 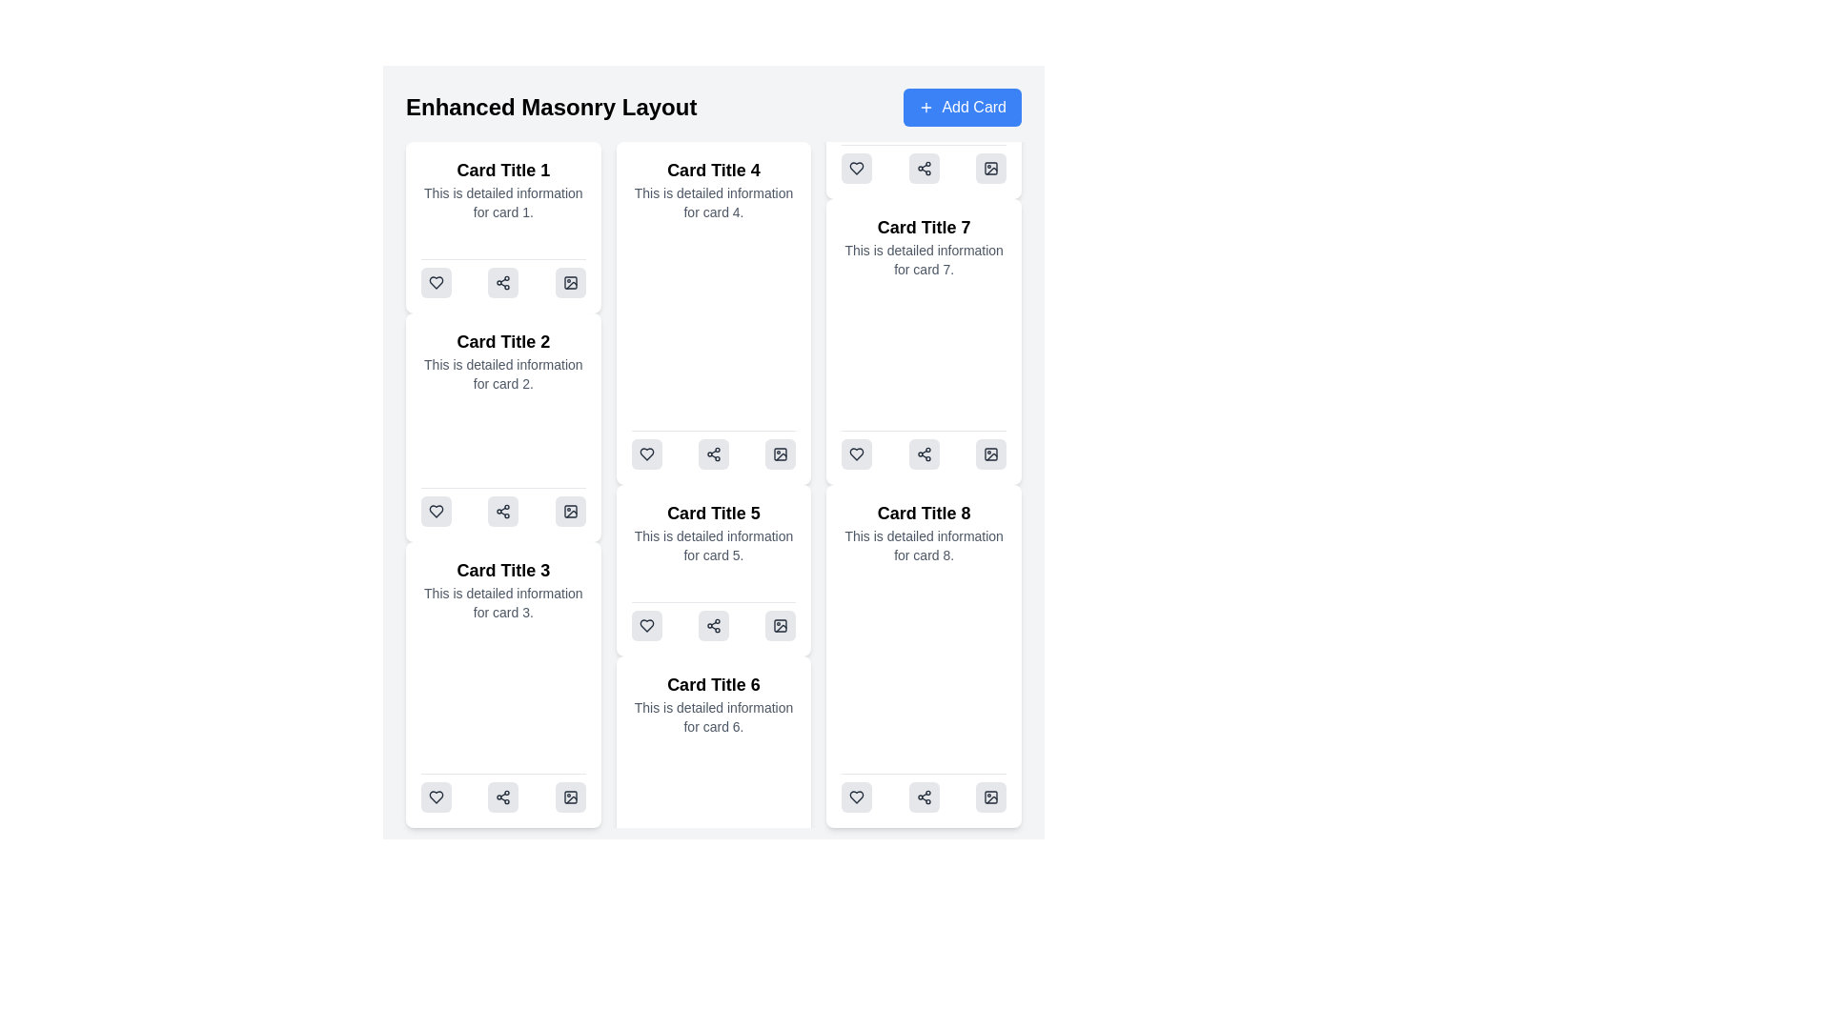 What do you see at coordinates (435, 797) in the screenshot?
I see `the heart-shaped icon outlined with a thin, dark line located in the bottom left corner of 'Card Title 3'` at bounding box center [435, 797].